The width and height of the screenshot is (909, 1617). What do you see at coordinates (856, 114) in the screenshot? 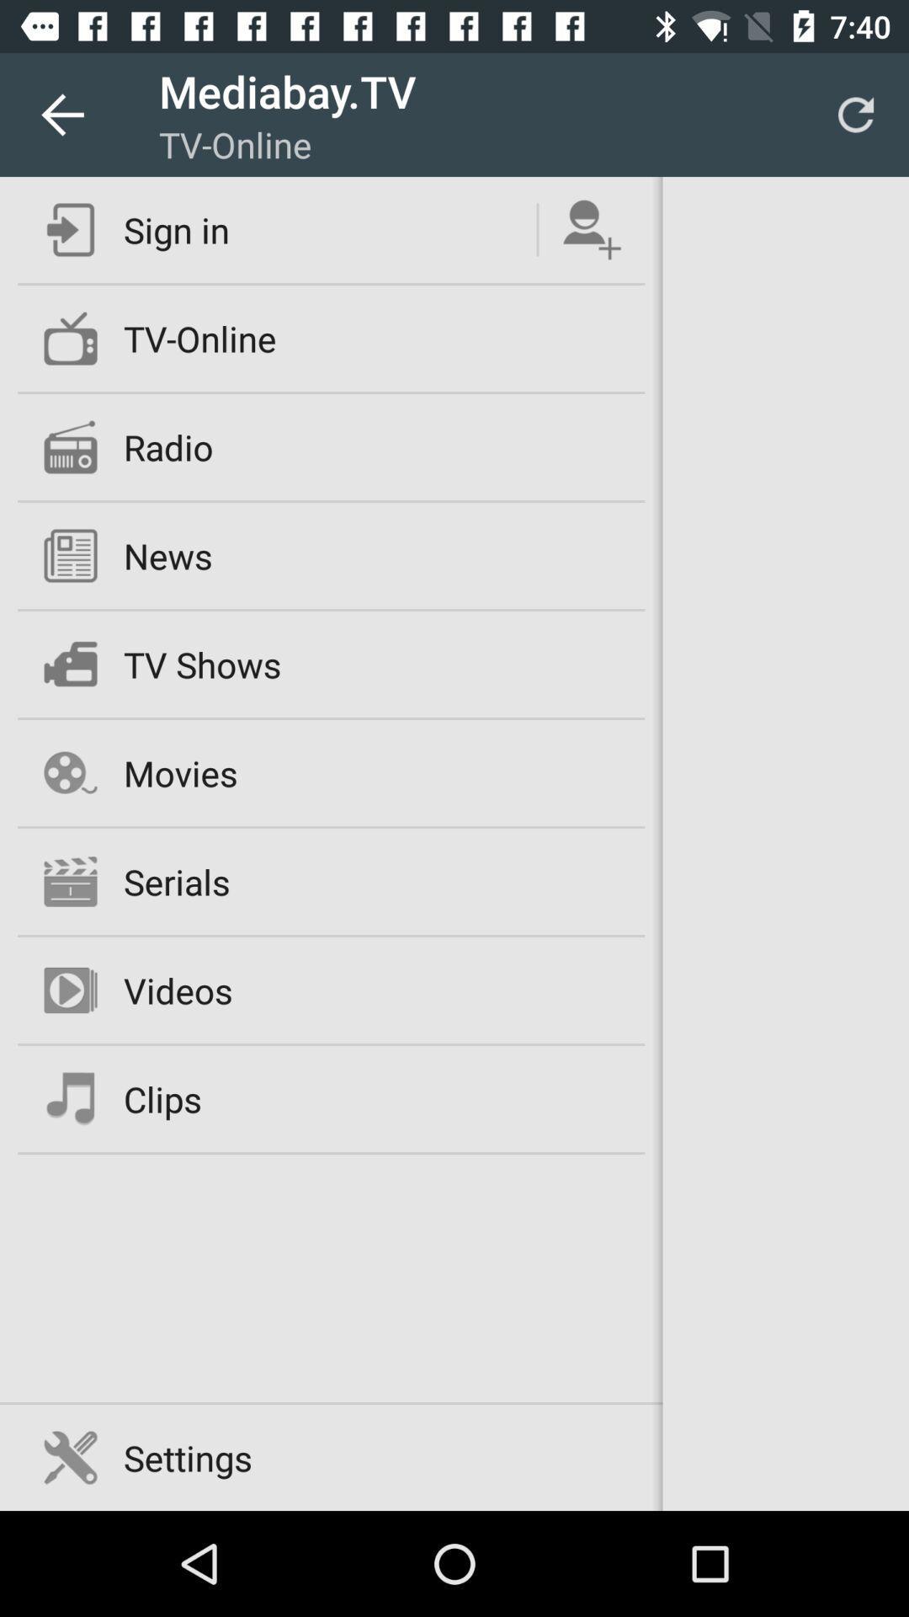
I see `the item at the top right corner` at bounding box center [856, 114].